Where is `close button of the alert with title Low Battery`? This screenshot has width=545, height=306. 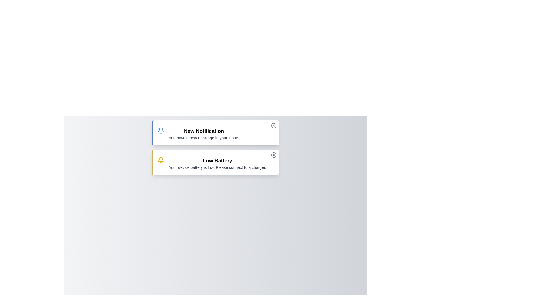
close button of the alert with title Low Battery is located at coordinates (274, 155).